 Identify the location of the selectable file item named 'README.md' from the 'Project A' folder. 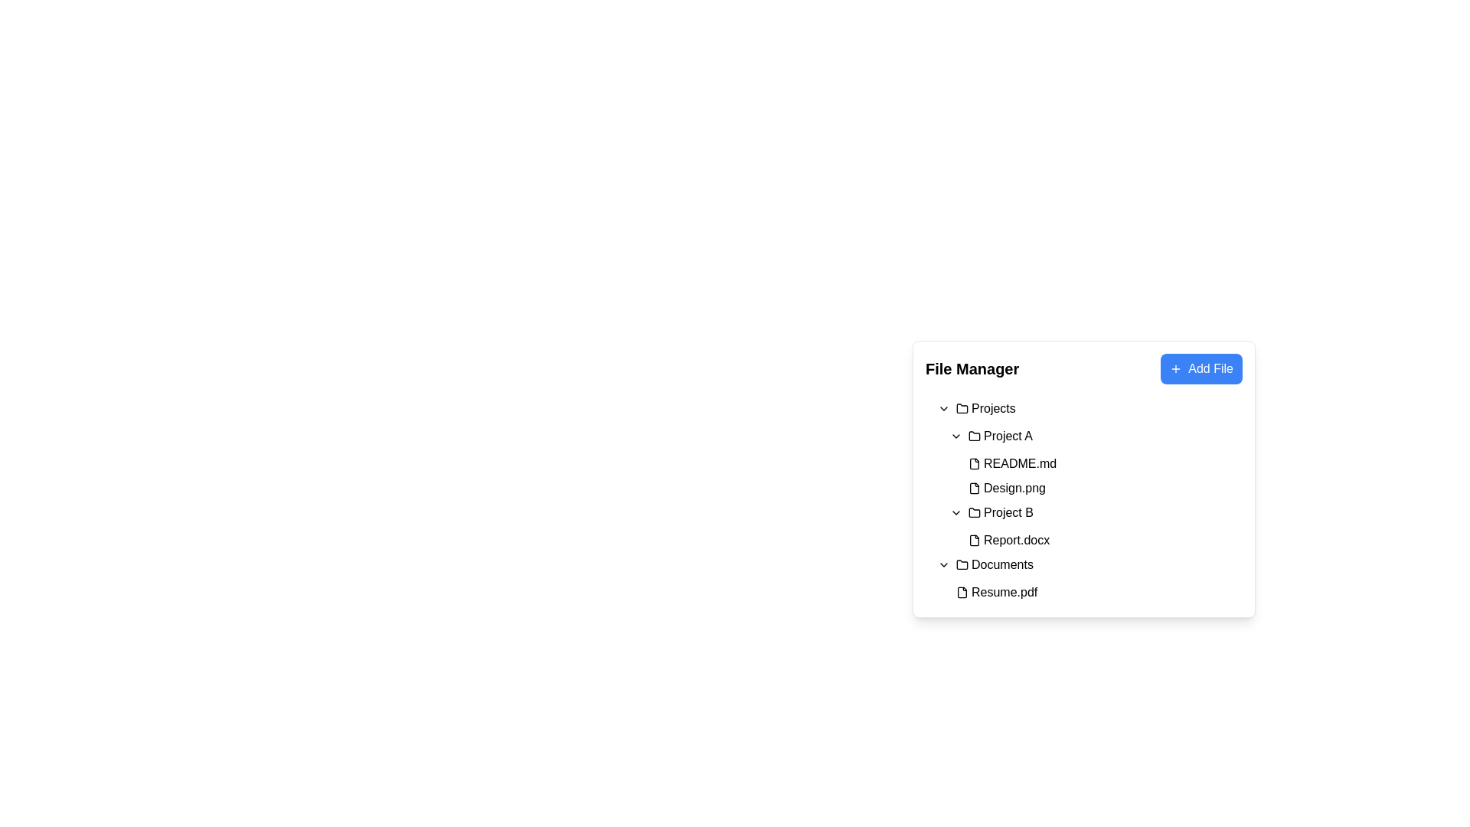
(1089, 462).